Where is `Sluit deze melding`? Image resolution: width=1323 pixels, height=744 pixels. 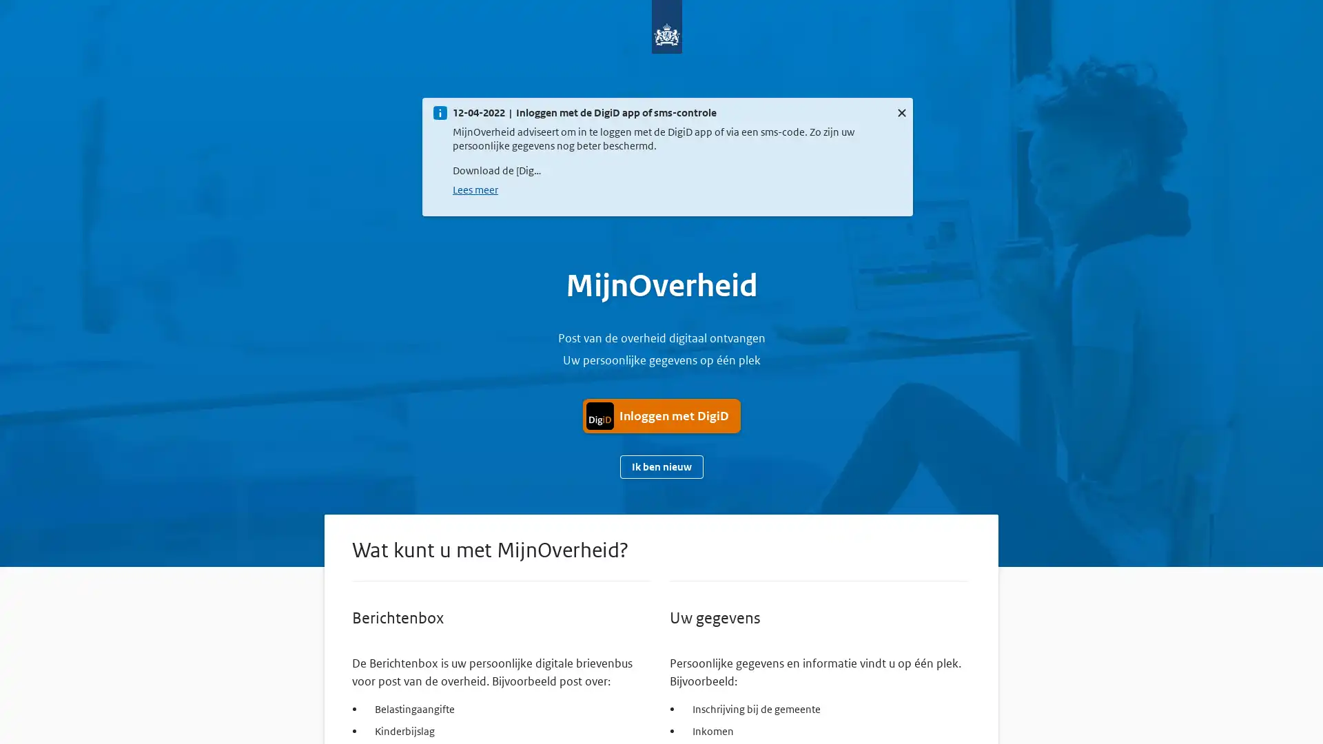
Sluit deze melding is located at coordinates (902, 112).